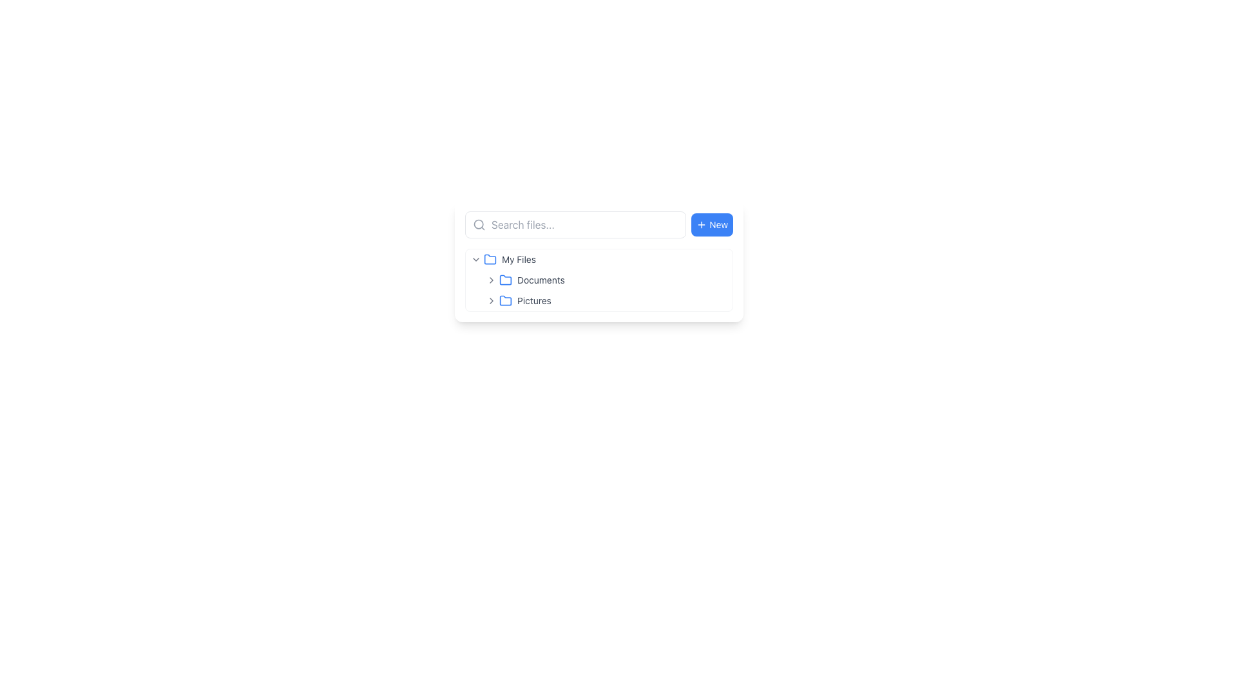 This screenshot has width=1237, height=696. I want to click on properties of the circular graphical element that is part of the search icon in the input field labeled 'Search files...', so click(478, 224).